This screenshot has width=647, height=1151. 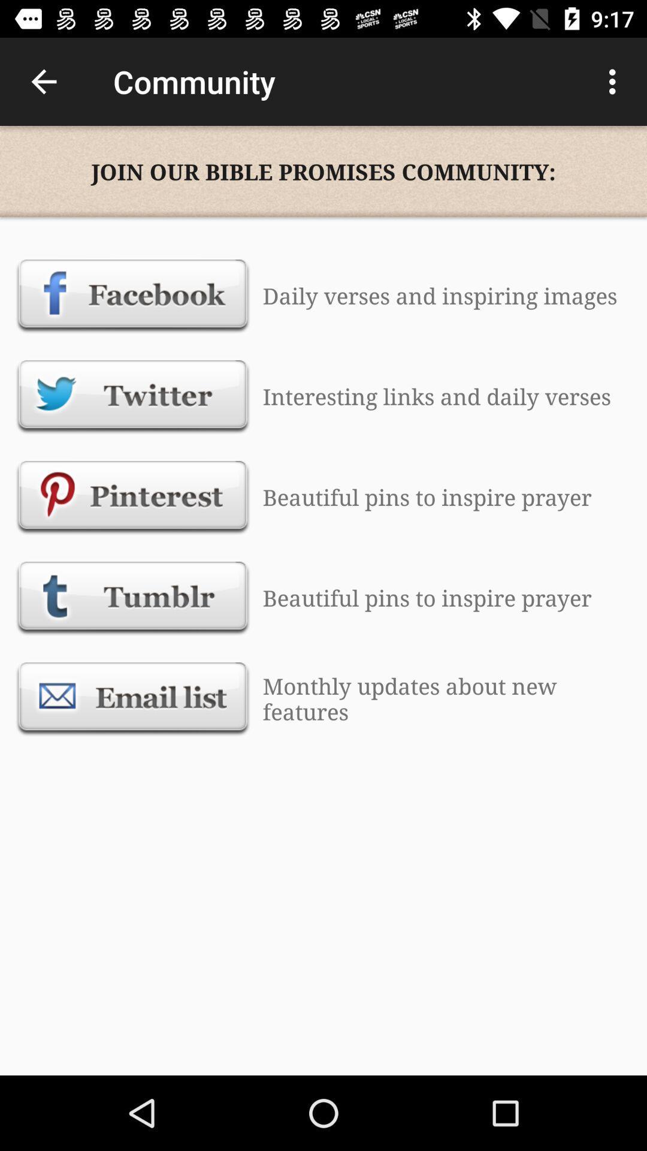 What do you see at coordinates (133, 396) in the screenshot?
I see `links and daily verses on` at bounding box center [133, 396].